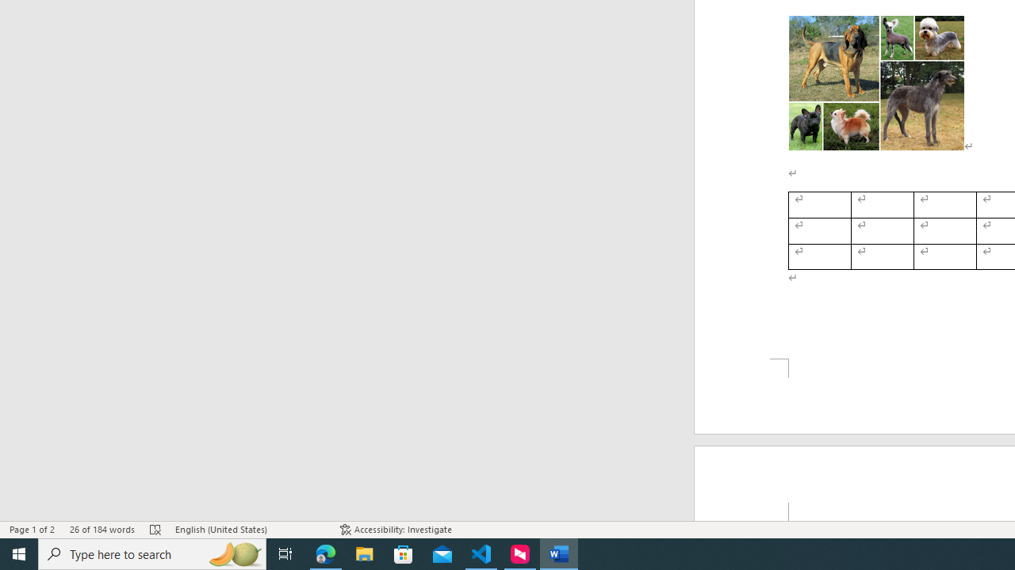 Image resolution: width=1015 pixels, height=570 pixels. Describe the element at coordinates (155, 530) in the screenshot. I see `'Spelling and Grammar Check Errors'` at that location.